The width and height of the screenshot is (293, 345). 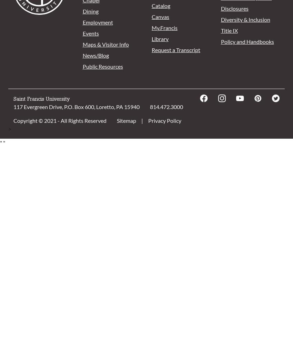 What do you see at coordinates (141, 120) in the screenshot?
I see `'|'` at bounding box center [141, 120].